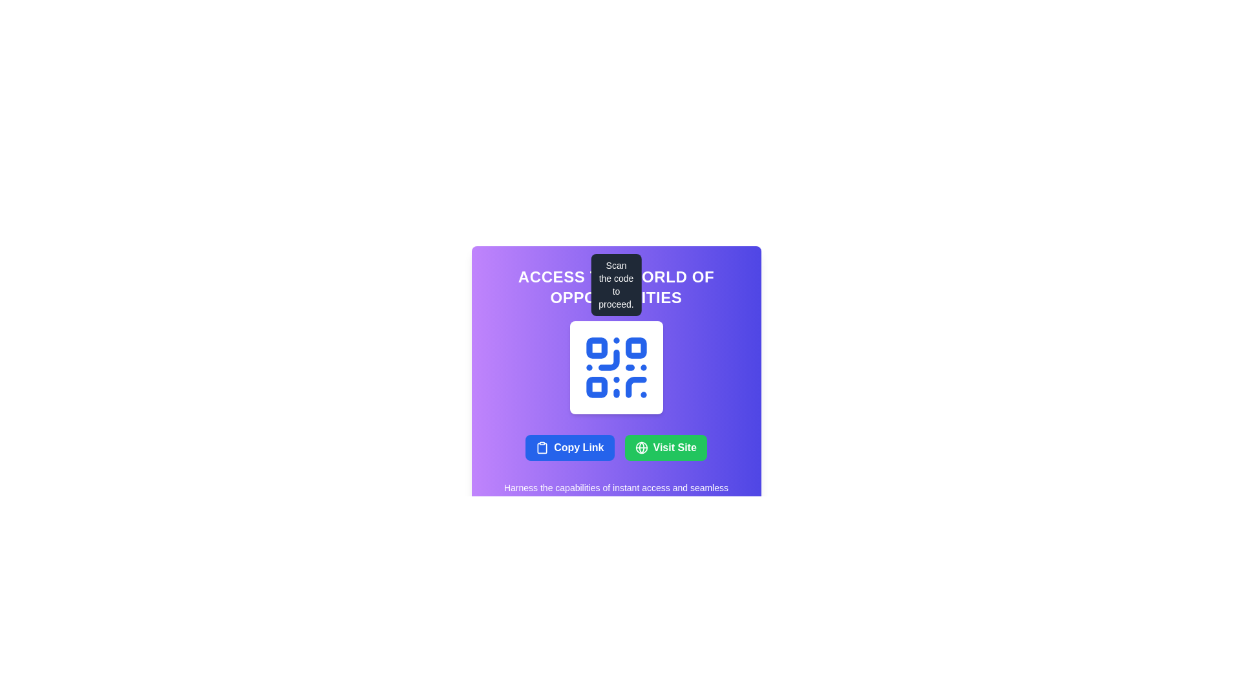 This screenshot has height=698, width=1241. Describe the element at coordinates (542, 447) in the screenshot. I see `the clipboard-shaped icon, which is styled in white on a blue circular background, located inside the 'Copy Link' button, to the left of the text label` at that location.